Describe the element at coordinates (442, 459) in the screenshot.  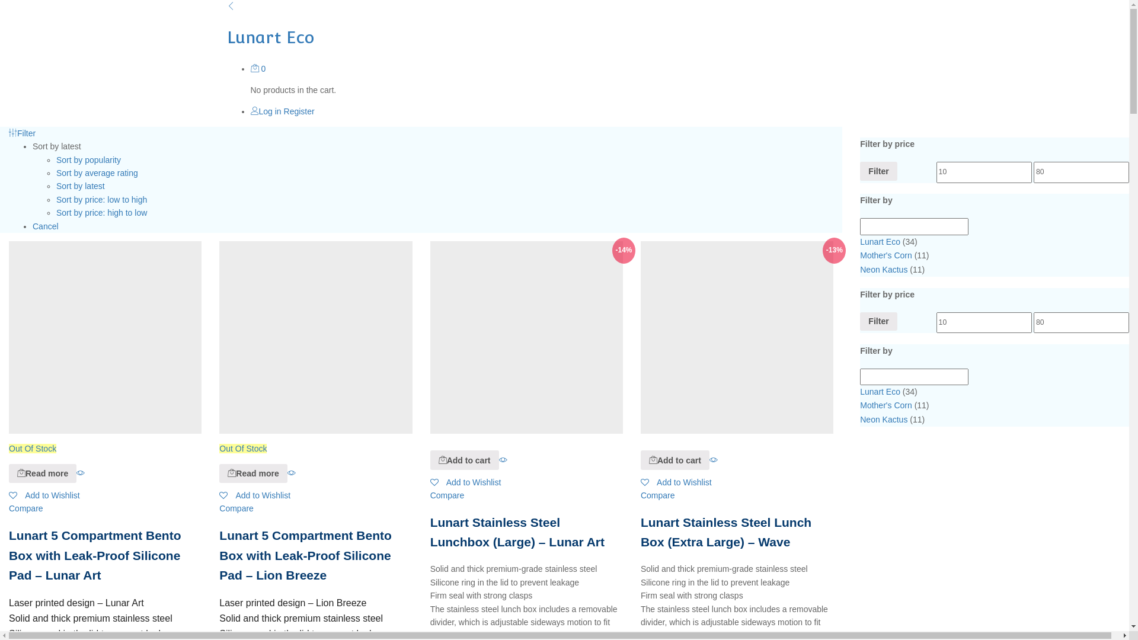
I see `'Add to cart'` at that location.